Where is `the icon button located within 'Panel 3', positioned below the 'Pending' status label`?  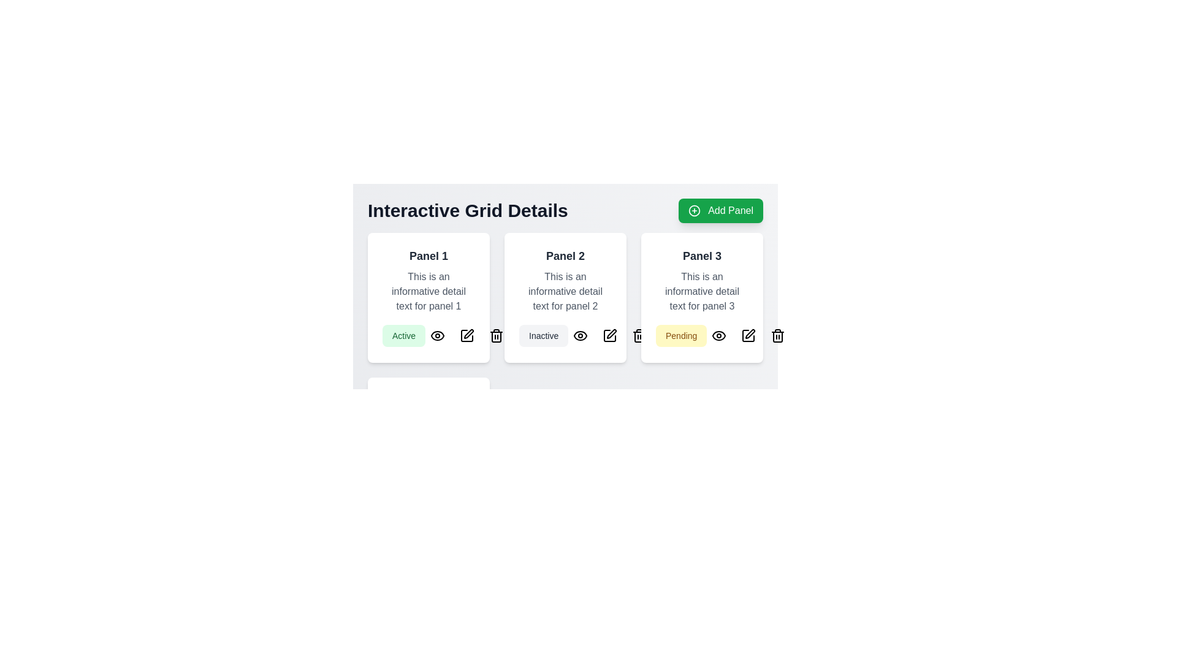 the icon button located within 'Panel 3', positioned below the 'Pending' status label is located at coordinates (750, 333).